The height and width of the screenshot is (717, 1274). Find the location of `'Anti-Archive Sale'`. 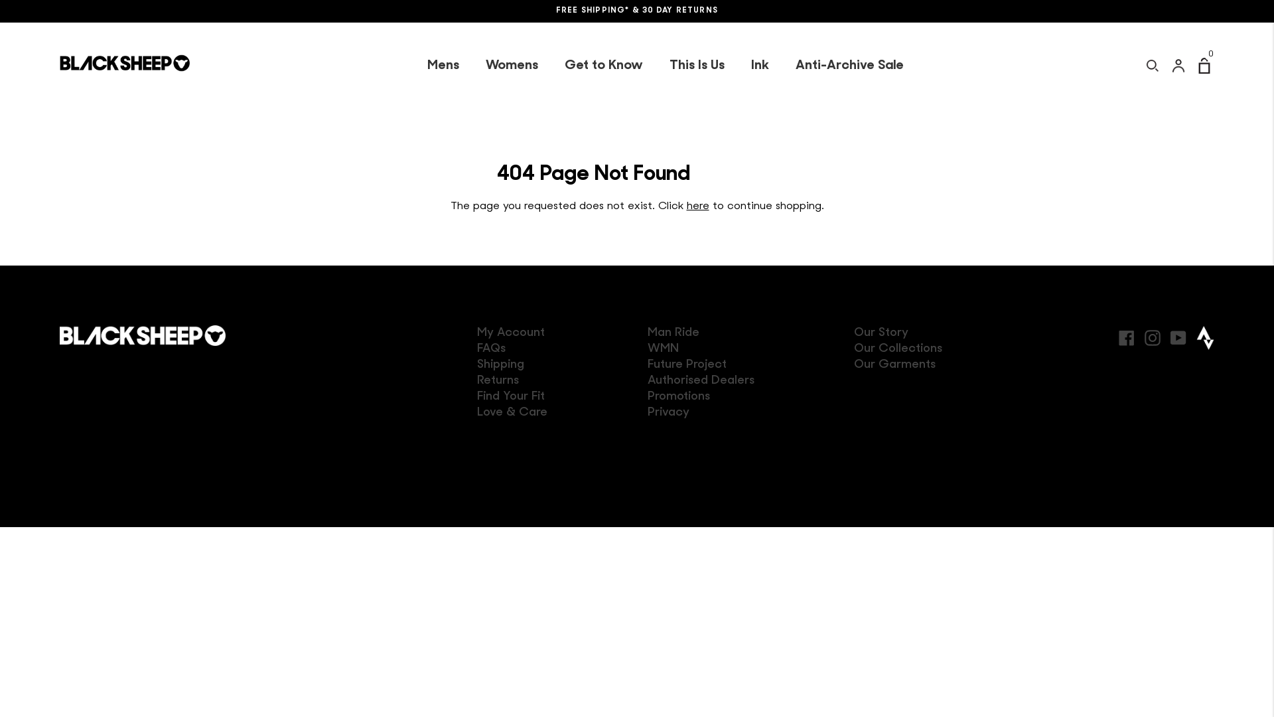

'Anti-Archive Sale' is located at coordinates (848, 66).